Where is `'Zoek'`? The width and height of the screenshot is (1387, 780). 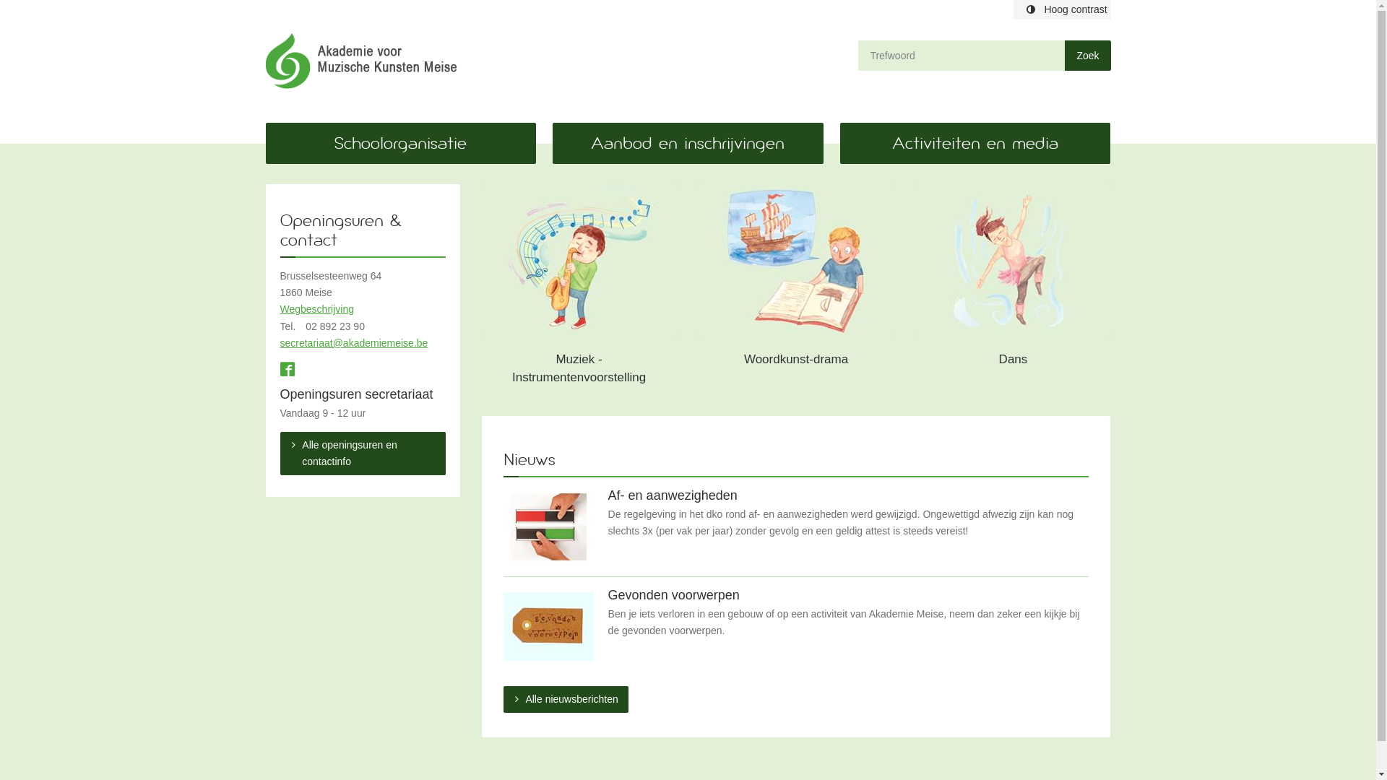 'Zoek' is located at coordinates (1087, 55).